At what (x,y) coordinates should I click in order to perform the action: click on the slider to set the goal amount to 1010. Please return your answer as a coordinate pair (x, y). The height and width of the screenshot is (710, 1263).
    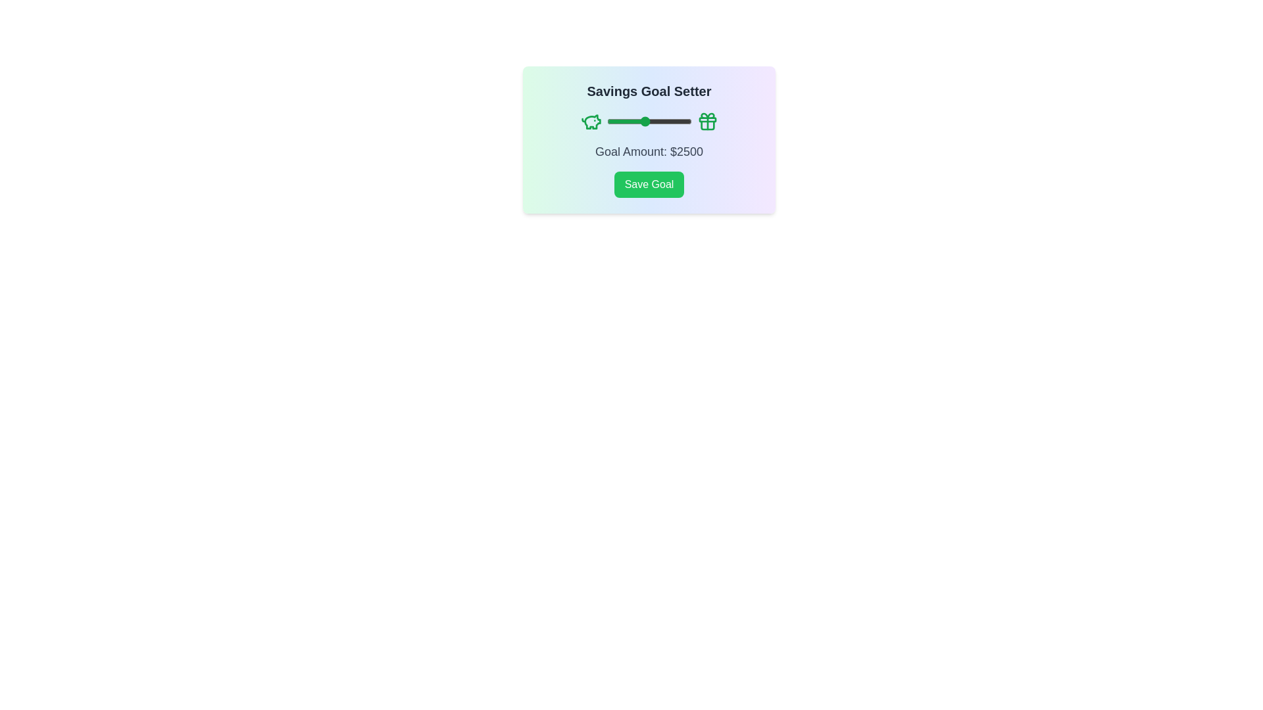
    Looking at the image, I should click on (616, 122).